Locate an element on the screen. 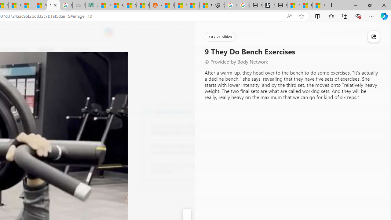  'Class: at-item immersive' is located at coordinates (374, 37).